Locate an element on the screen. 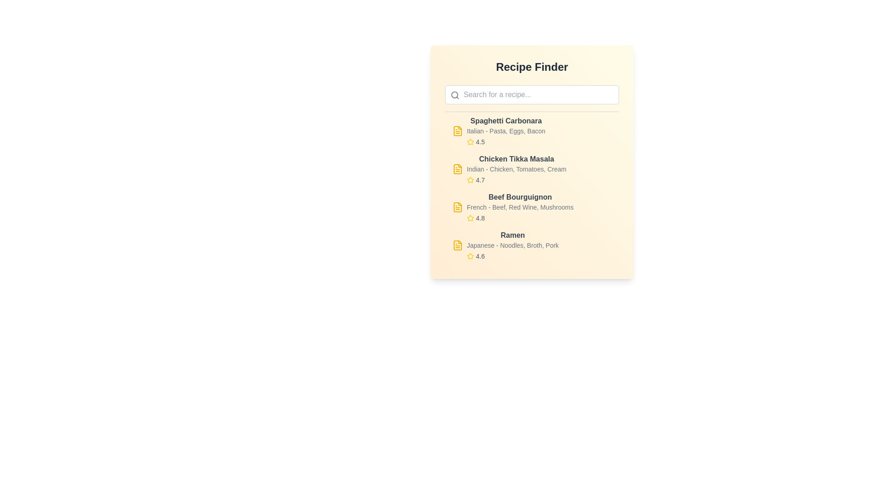 The width and height of the screenshot is (872, 490). the text label displaying 'Chicken Tikka Masala' in bold, dark gray font, which is positioned beneath the search bar and above the descriptive text in the recipe list is located at coordinates (516, 159).